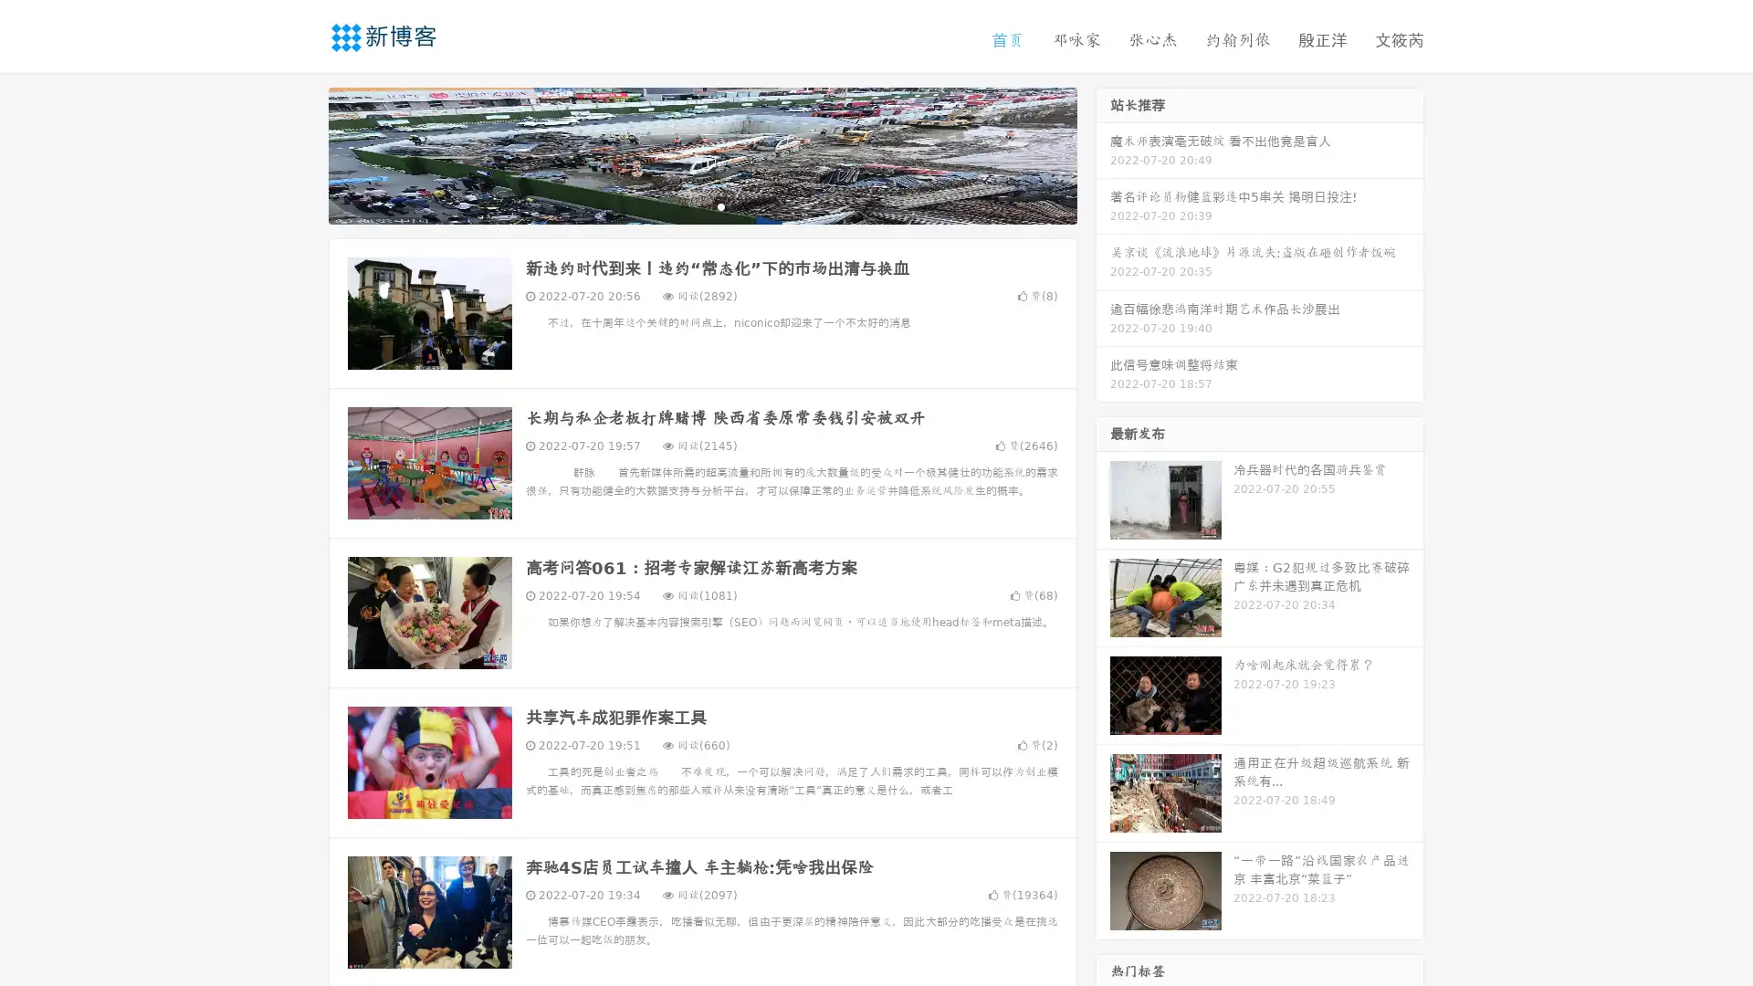 The image size is (1753, 986). I want to click on Go to slide 1, so click(683, 205).